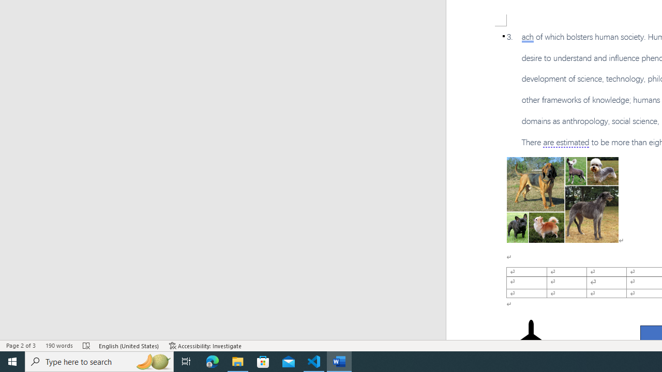 The width and height of the screenshot is (662, 372). I want to click on 'Language English (United States)', so click(129, 346).